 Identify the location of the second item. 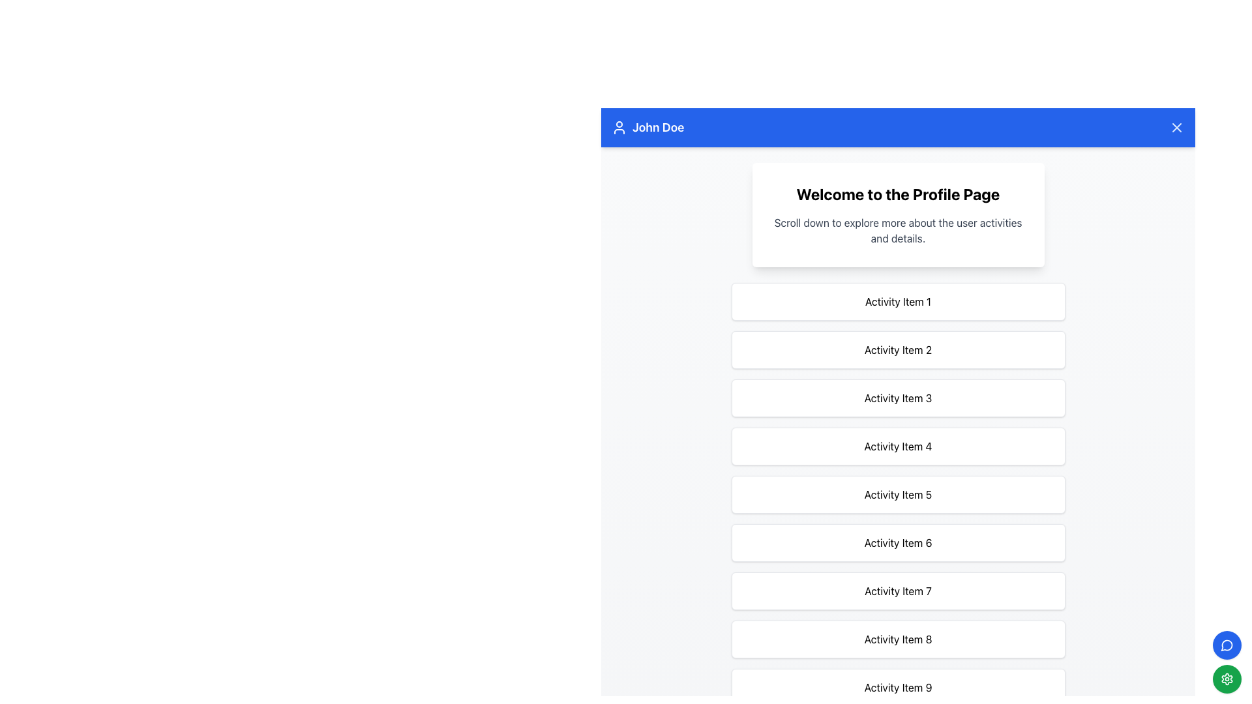
(897, 349).